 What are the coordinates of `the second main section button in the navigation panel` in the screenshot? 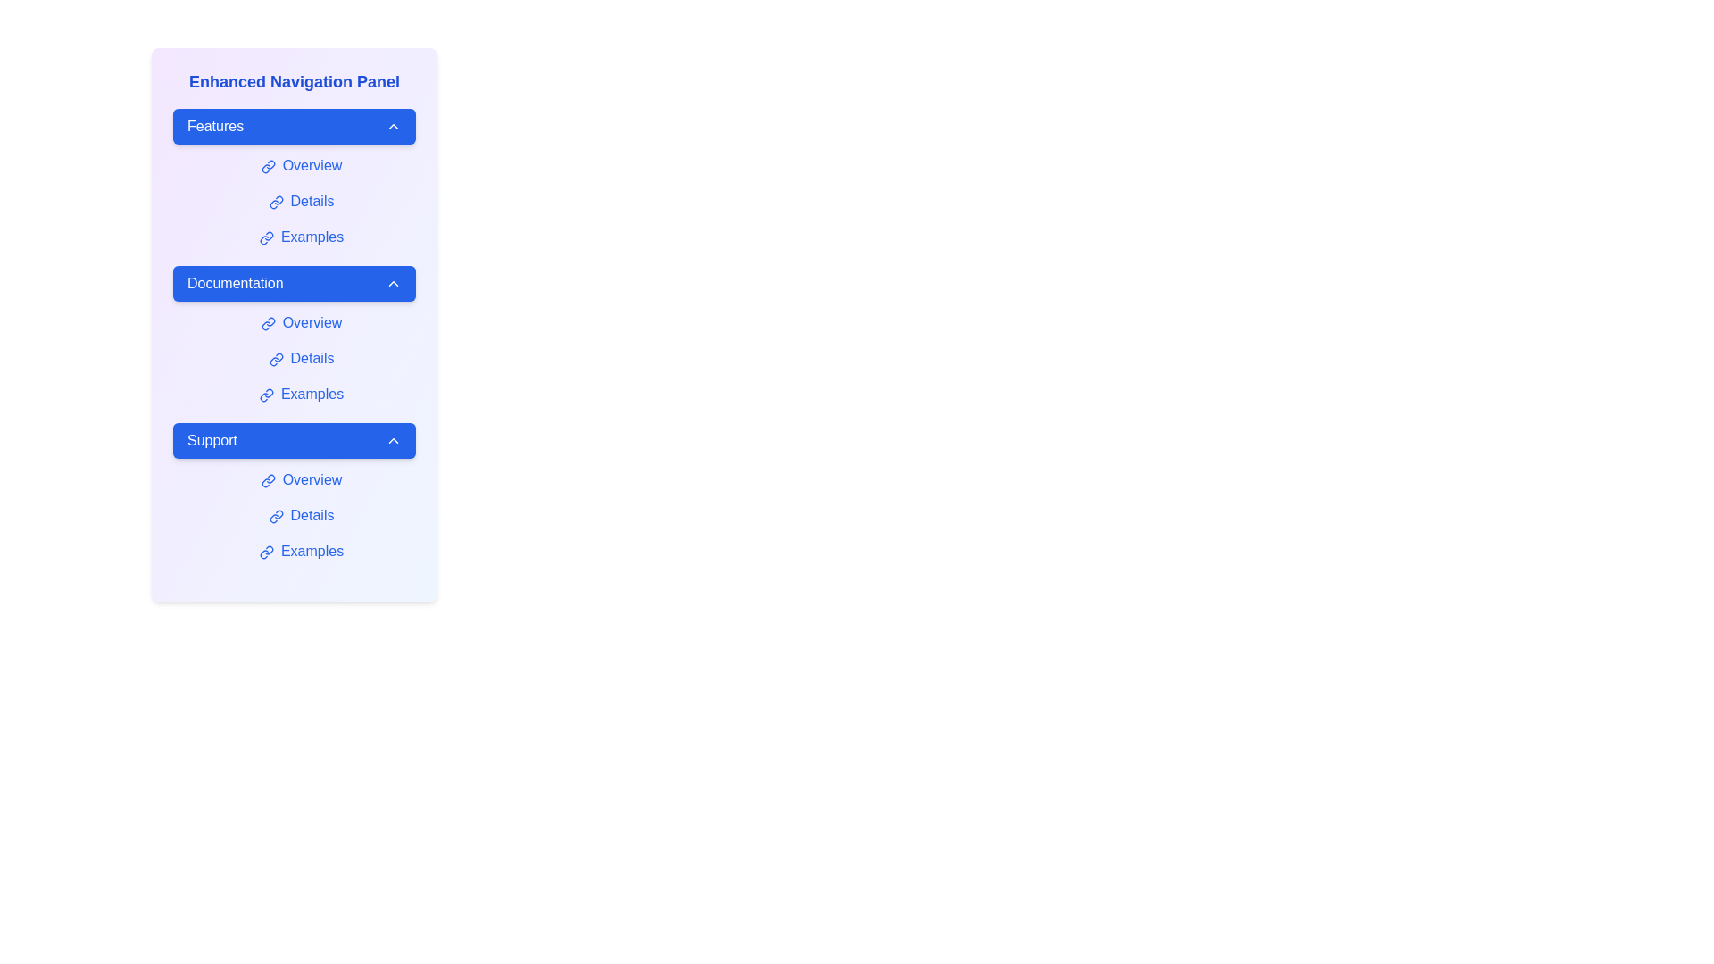 It's located at (295, 282).